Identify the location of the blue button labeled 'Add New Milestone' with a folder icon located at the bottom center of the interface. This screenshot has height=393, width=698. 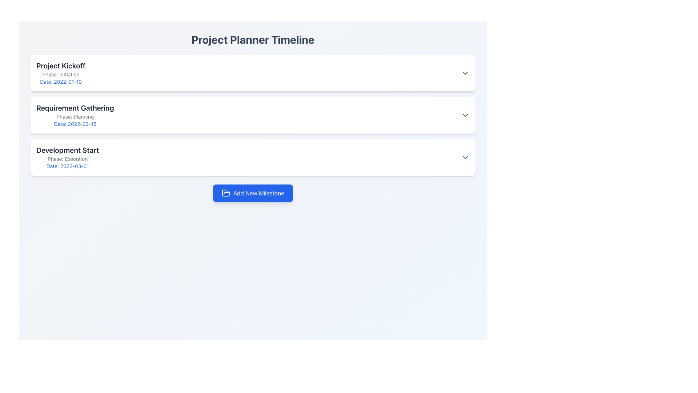
(253, 193).